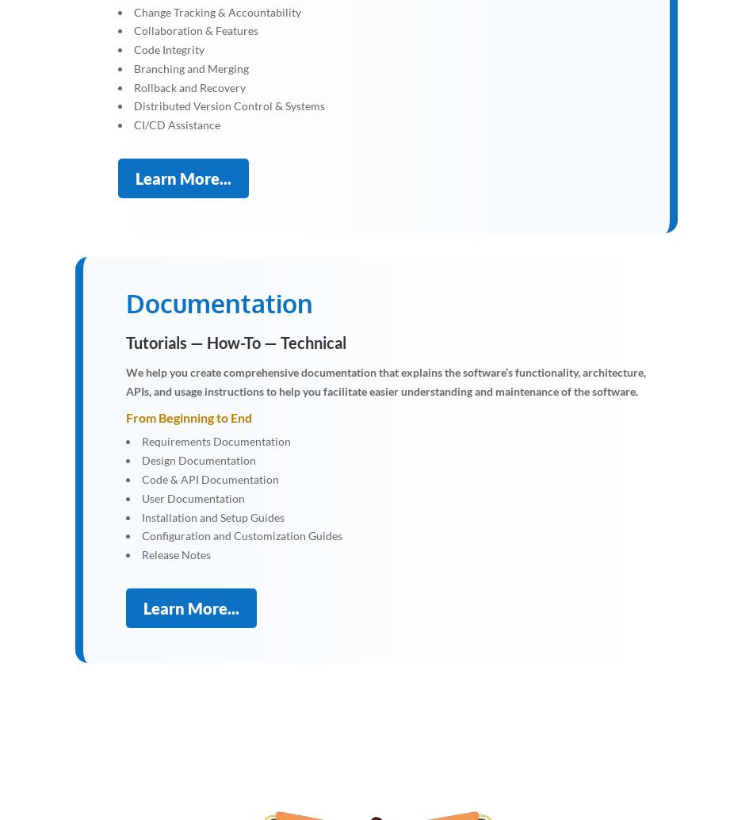  What do you see at coordinates (197, 460) in the screenshot?
I see `'Design Documentation'` at bounding box center [197, 460].